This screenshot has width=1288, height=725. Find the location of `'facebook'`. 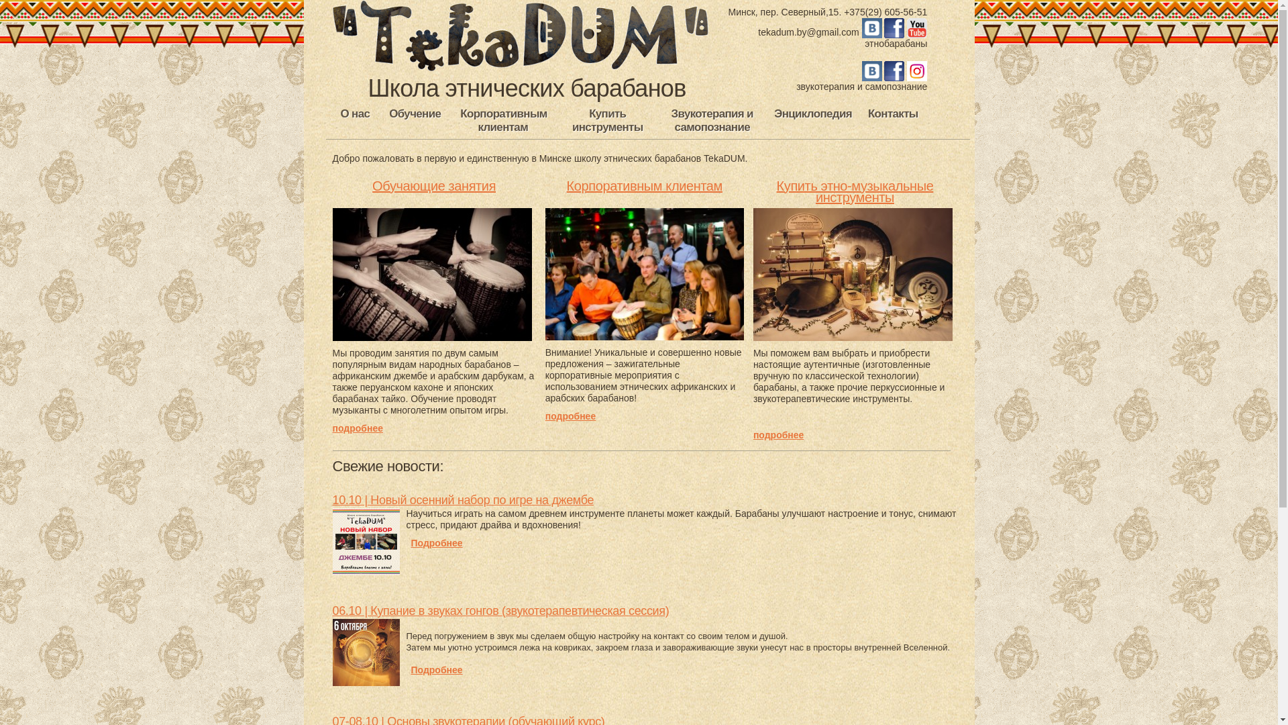

'facebook' is located at coordinates (894, 75).